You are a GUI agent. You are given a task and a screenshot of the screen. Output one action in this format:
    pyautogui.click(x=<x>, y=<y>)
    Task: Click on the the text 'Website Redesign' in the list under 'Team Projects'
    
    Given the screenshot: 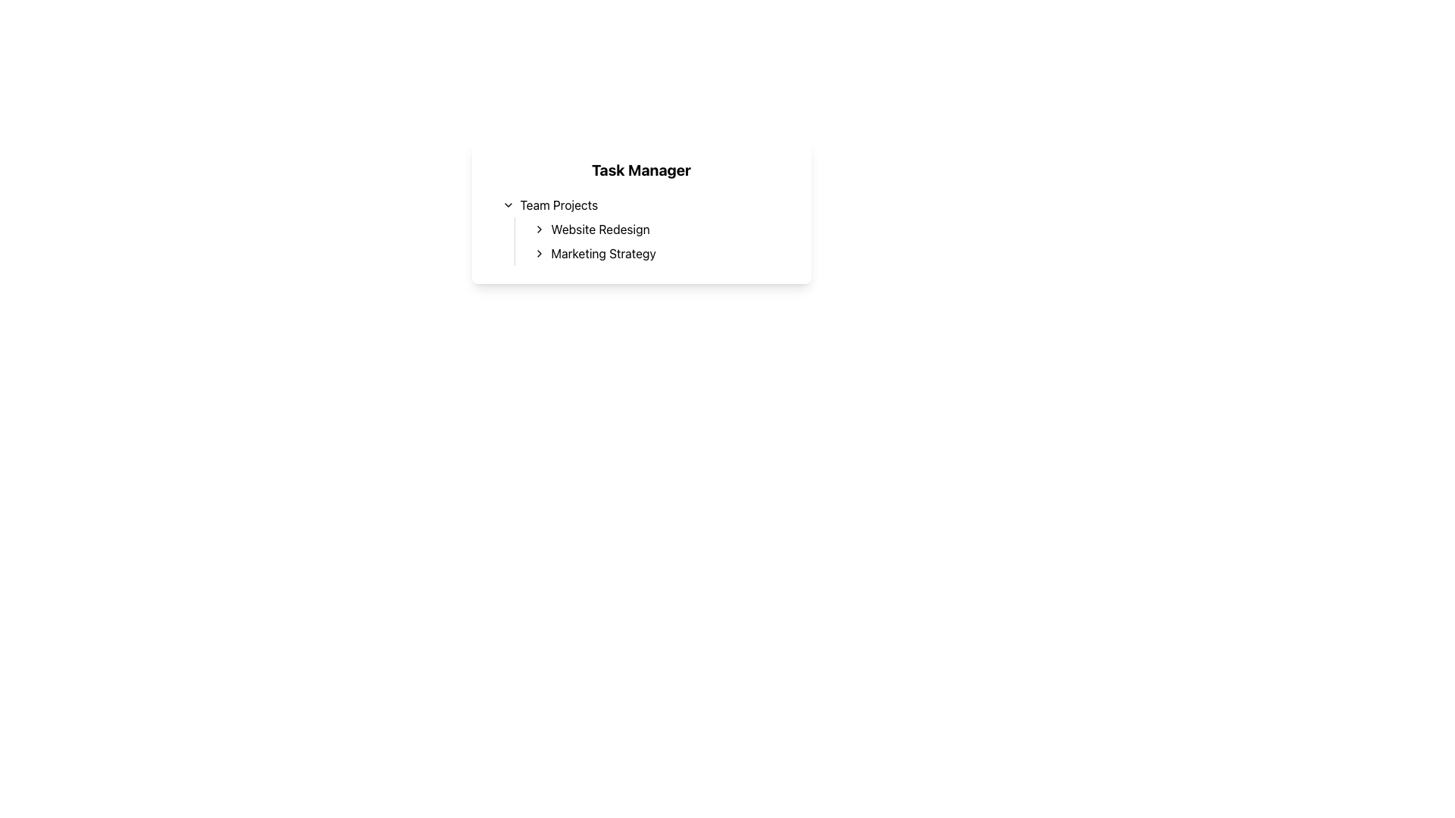 What is the action you would take?
    pyautogui.click(x=599, y=229)
    